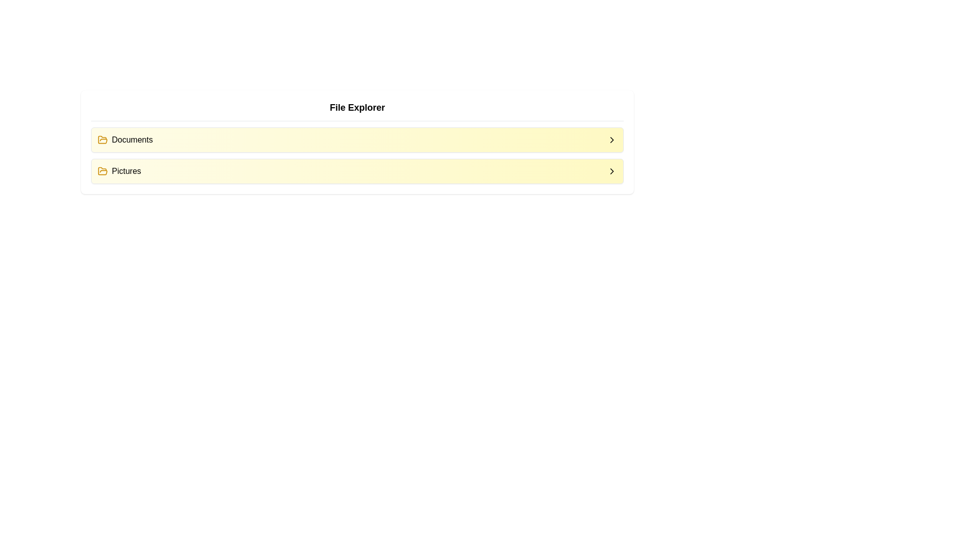  What do you see at coordinates (102, 171) in the screenshot?
I see `the 'Pictures' folder icon which is represented as an SVG element located in the second row of a list, positioned to the left of the text label 'Pictures'` at bounding box center [102, 171].